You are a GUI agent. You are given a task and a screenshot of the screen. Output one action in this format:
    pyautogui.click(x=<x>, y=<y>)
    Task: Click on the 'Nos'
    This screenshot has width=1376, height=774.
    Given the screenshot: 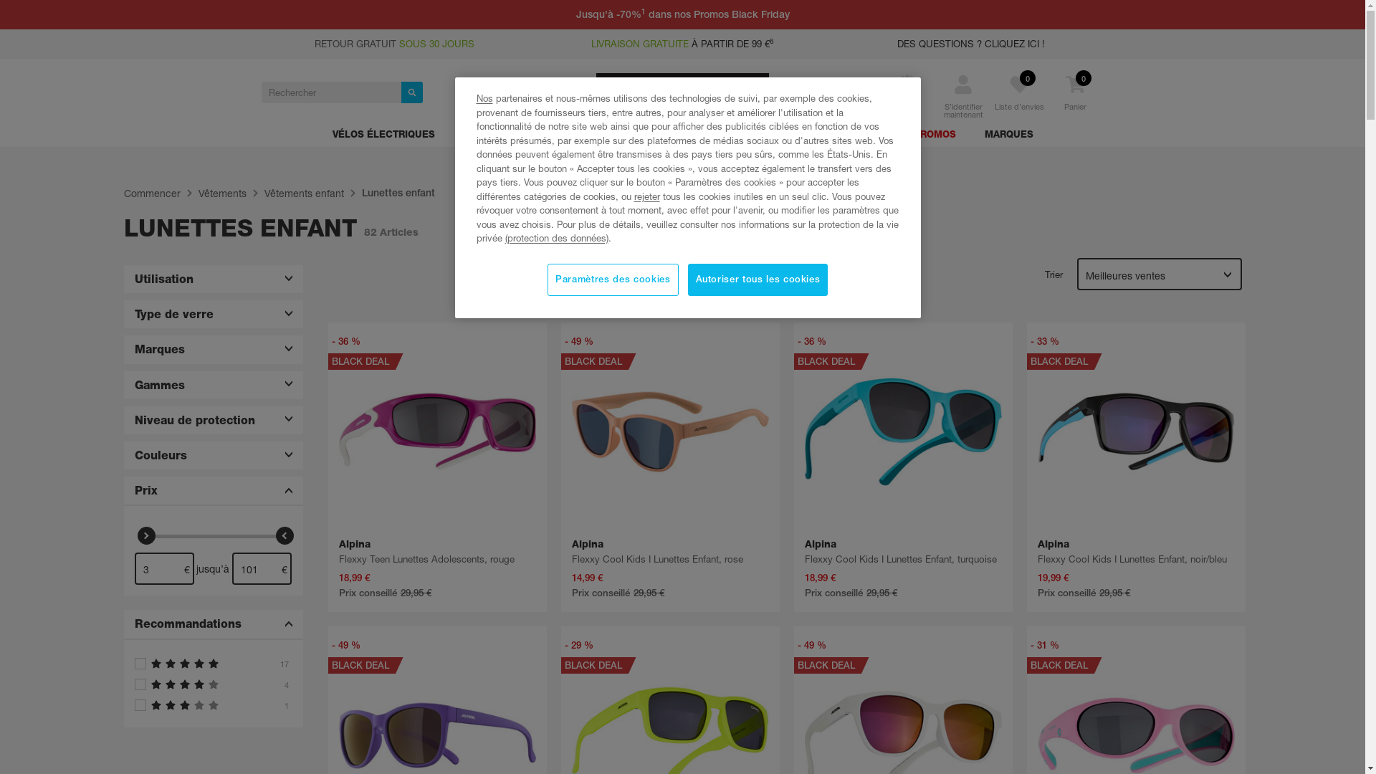 What is the action you would take?
    pyautogui.click(x=484, y=97)
    